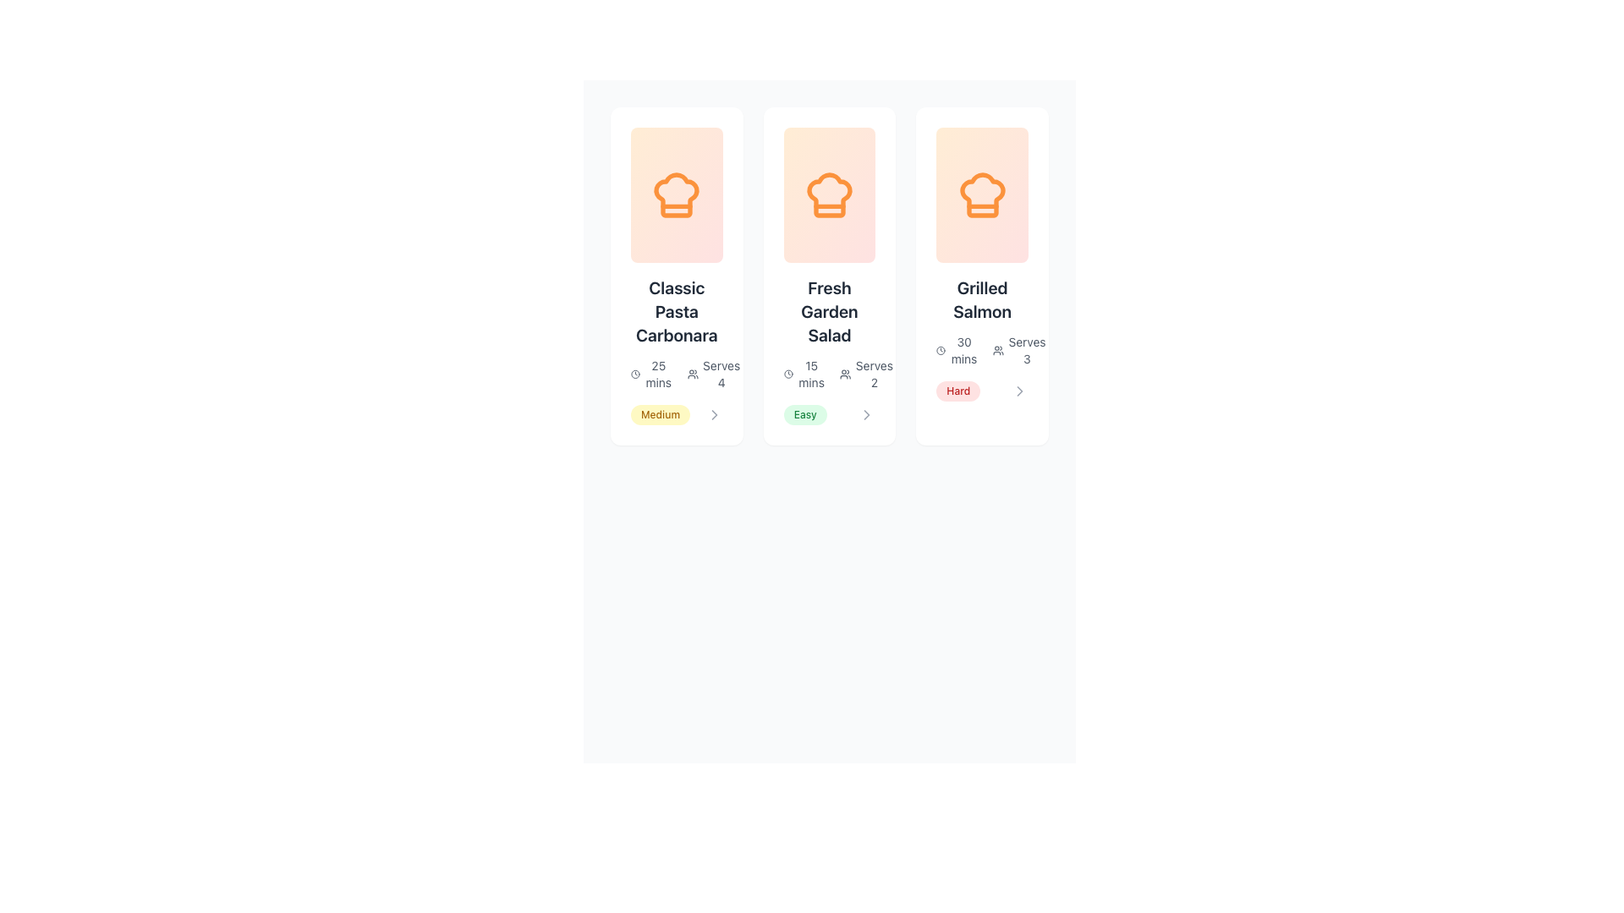 The width and height of the screenshot is (1624, 913). What do you see at coordinates (867, 374) in the screenshot?
I see `text indicating the serving size located in the bottom portion of the second content card from the left, which is the second item to the right of the time duration label ('15 mins')` at bounding box center [867, 374].